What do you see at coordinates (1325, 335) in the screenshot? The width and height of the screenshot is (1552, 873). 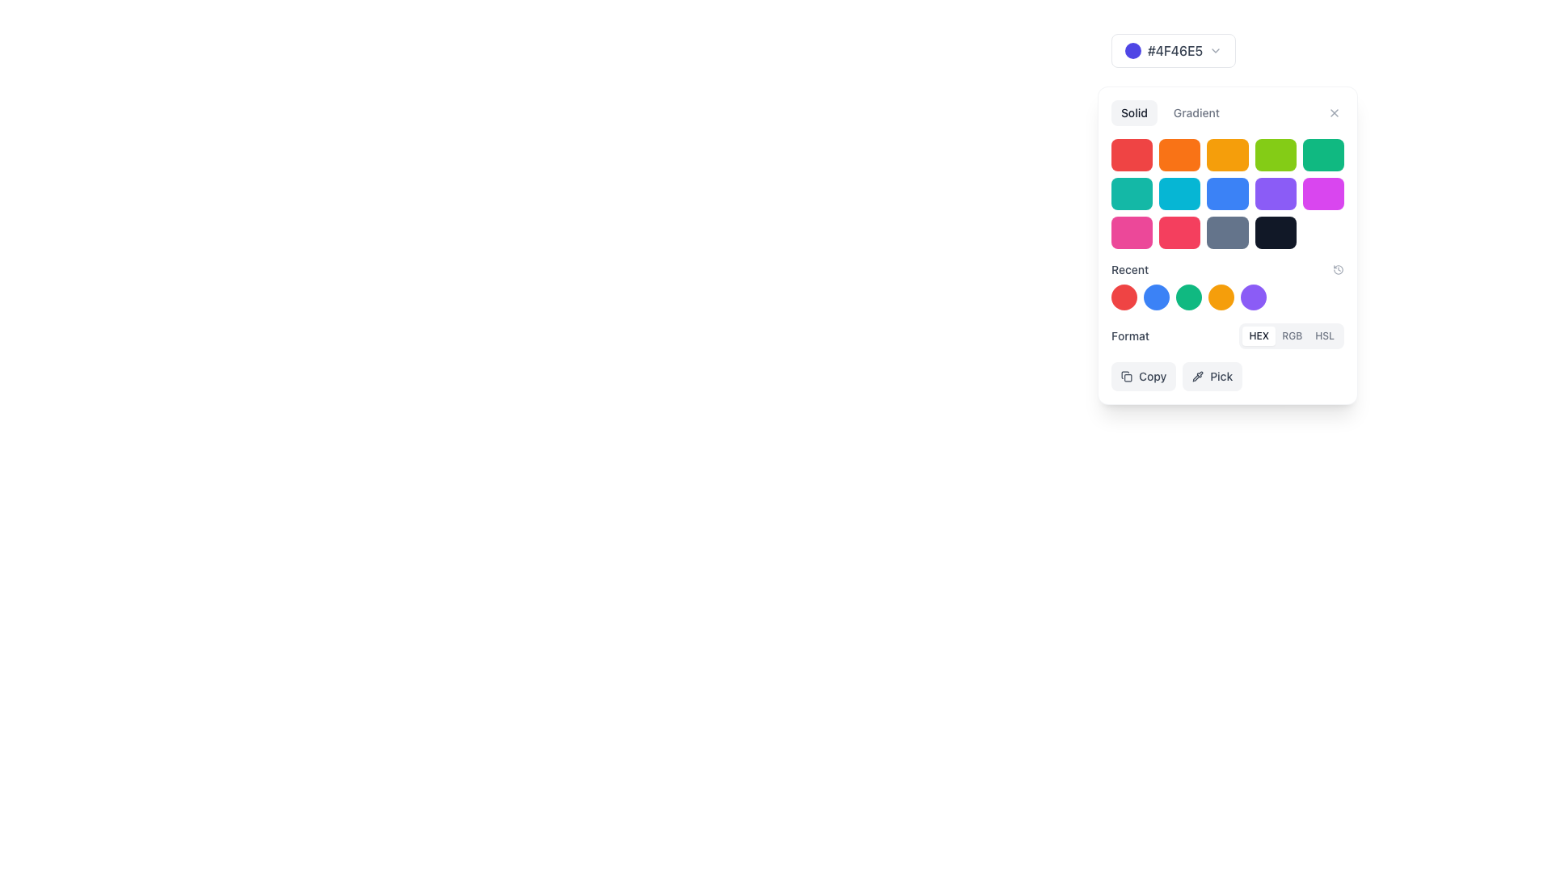 I see `the 'HSL' button, which is the third button in a row of three buttons labeled 'HEX,' 'RGB,' and 'HSL', to change its color` at bounding box center [1325, 335].